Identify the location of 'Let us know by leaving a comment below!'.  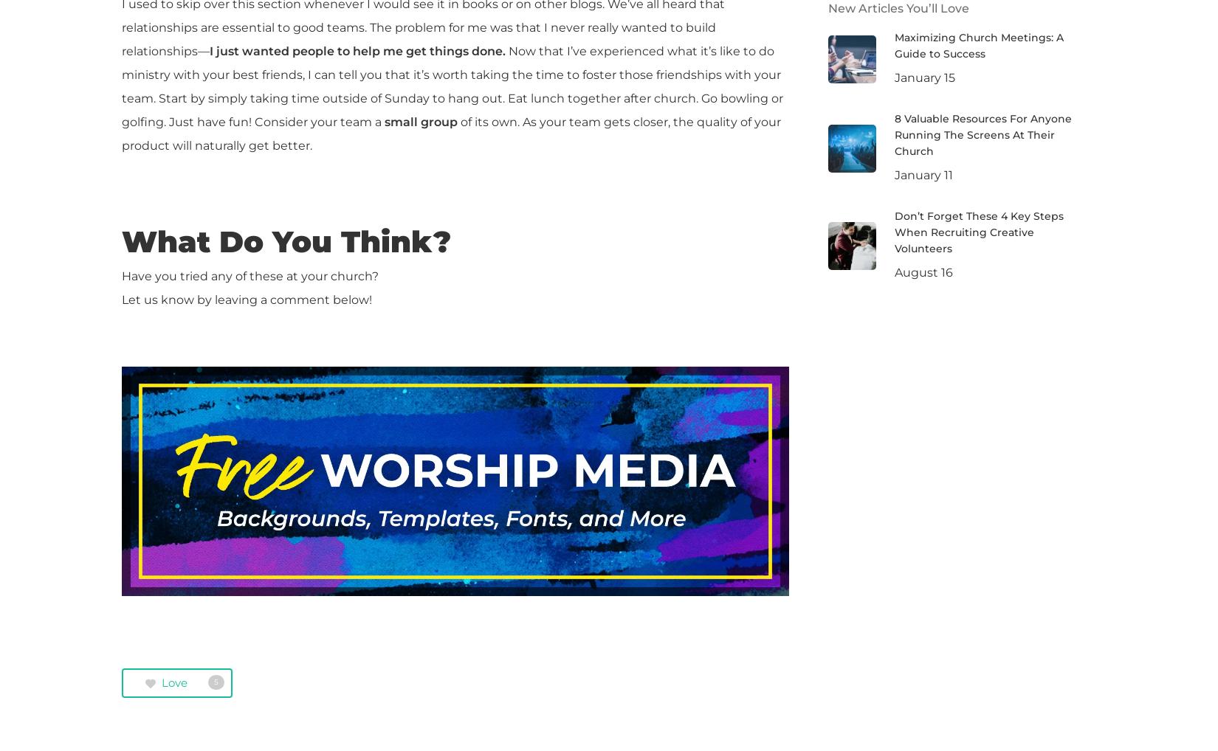
(247, 300).